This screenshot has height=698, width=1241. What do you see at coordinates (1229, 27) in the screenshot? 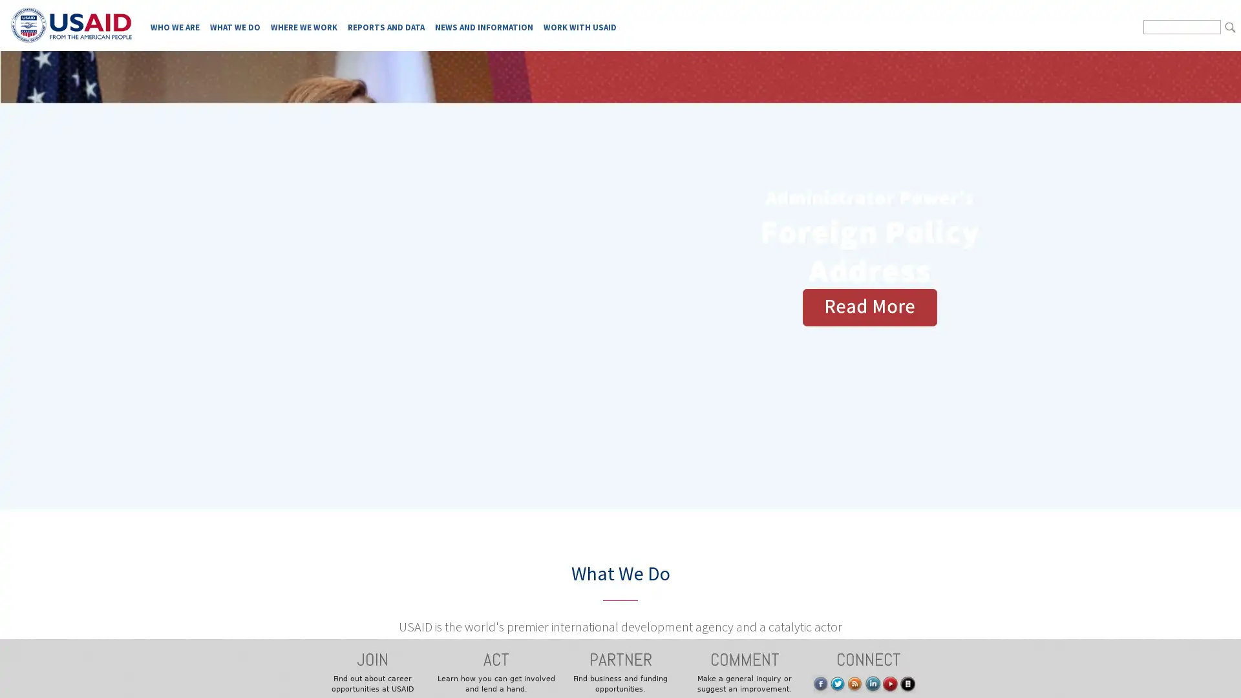
I see `Search` at bounding box center [1229, 27].